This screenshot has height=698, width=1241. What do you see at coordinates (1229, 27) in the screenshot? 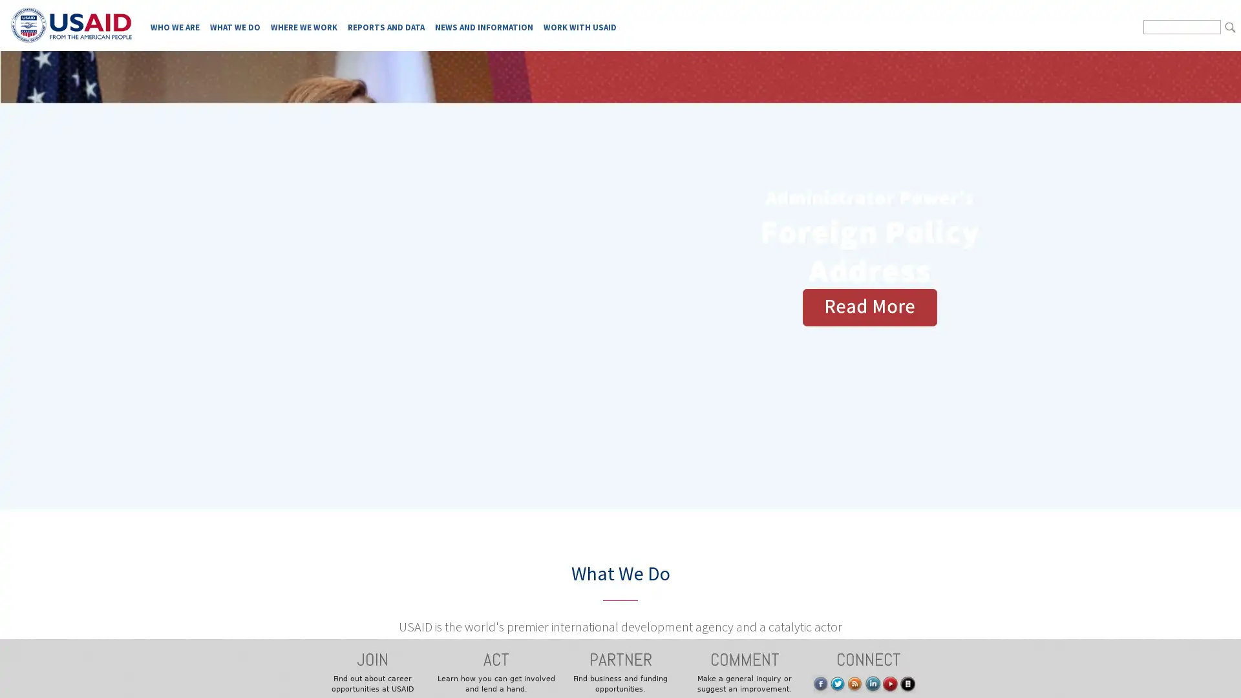
I see `Search` at bounding box center [1229, 27].